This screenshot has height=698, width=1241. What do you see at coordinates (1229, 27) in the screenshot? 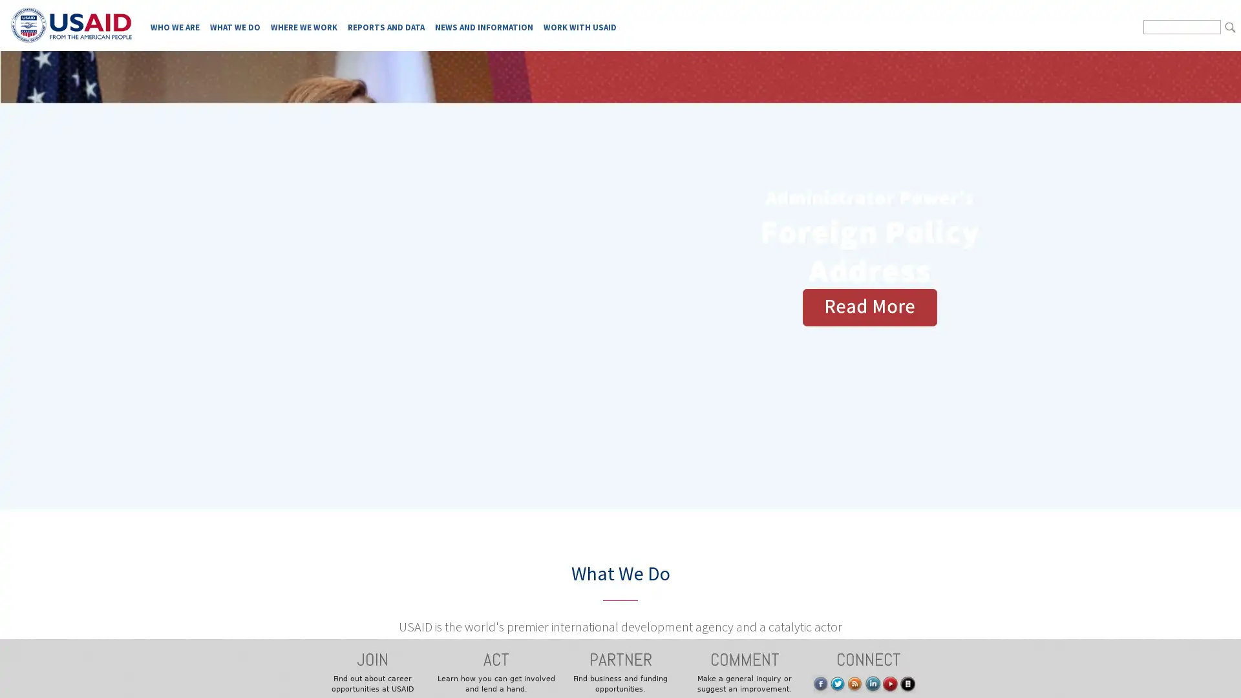
I see `Search` at bounding box center [1229, 27].